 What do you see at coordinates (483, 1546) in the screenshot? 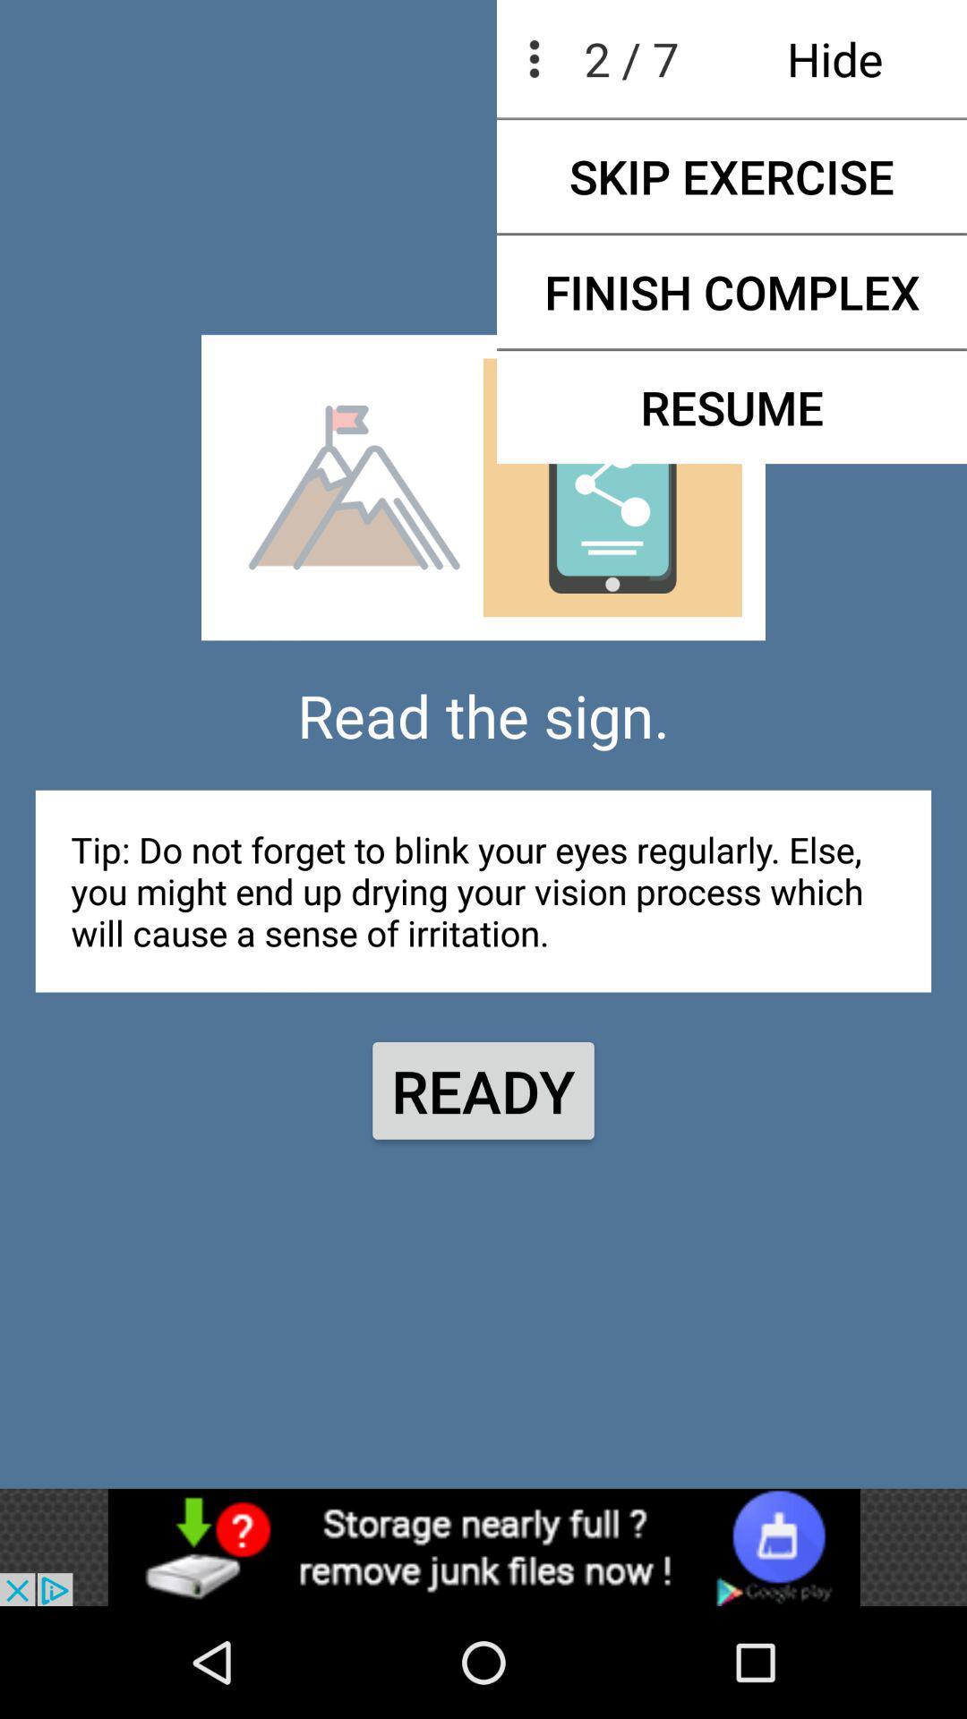
I see `advertisement page` at bounding box center [483, 1546].